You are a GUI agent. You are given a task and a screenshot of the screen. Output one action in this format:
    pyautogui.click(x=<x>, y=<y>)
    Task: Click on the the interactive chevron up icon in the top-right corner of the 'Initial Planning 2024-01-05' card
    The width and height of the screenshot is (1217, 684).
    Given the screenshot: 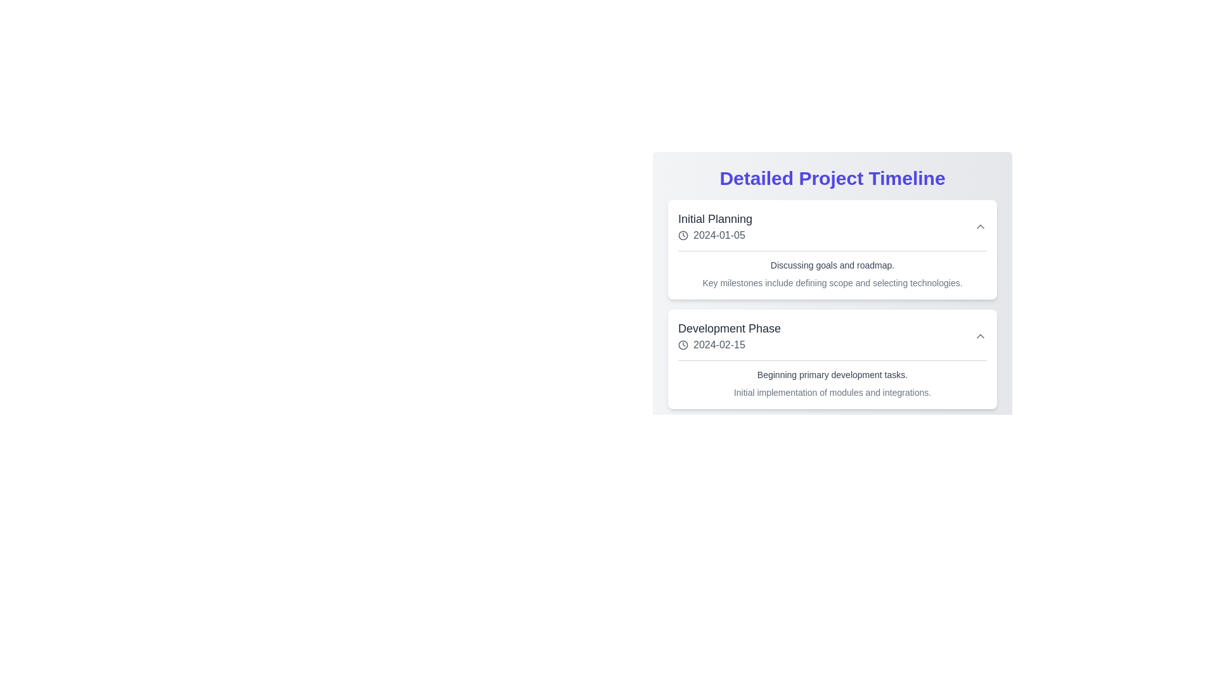 What is the action you would take?
    pyautogui.click(x=979, y=226)
    